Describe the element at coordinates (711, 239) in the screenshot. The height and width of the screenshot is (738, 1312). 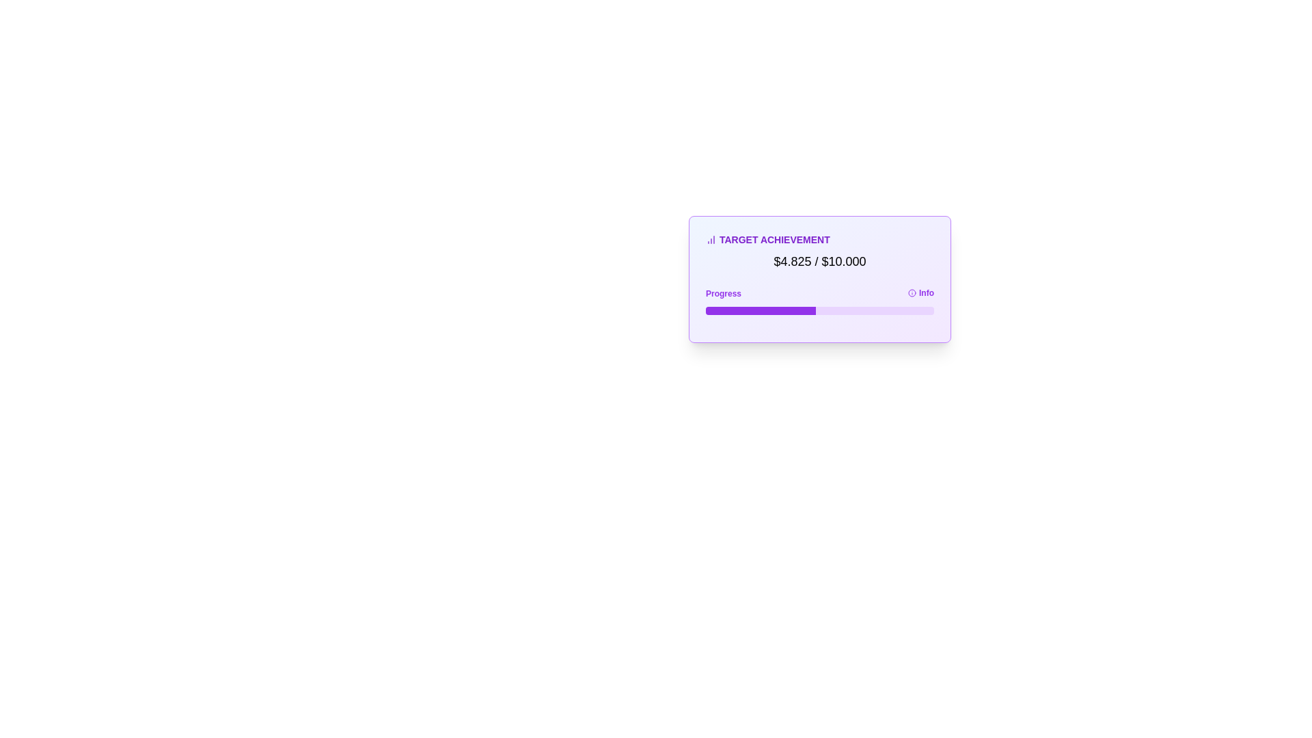
I see `the small vertical bar chart icon styled in purple, positioned slightly to the left of the title 'Target Achievement'` at that location.